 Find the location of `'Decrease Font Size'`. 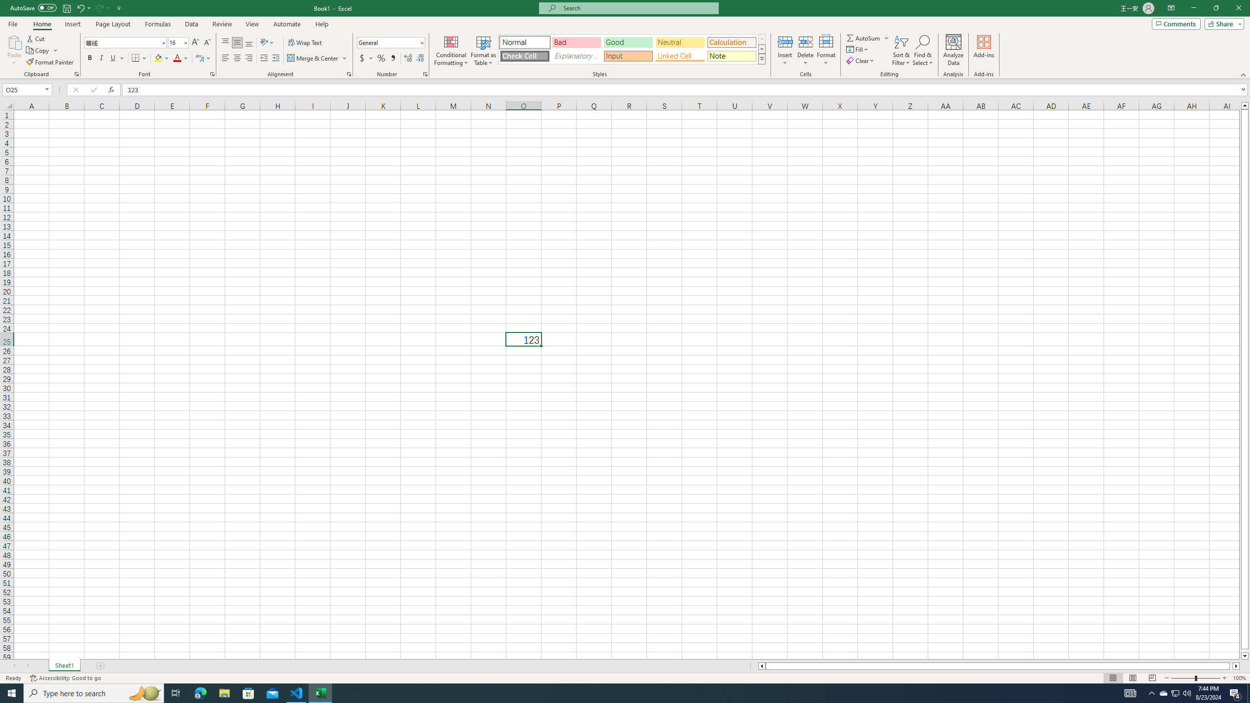

'Decrease Font Size' is located at coordinates (207, 42).